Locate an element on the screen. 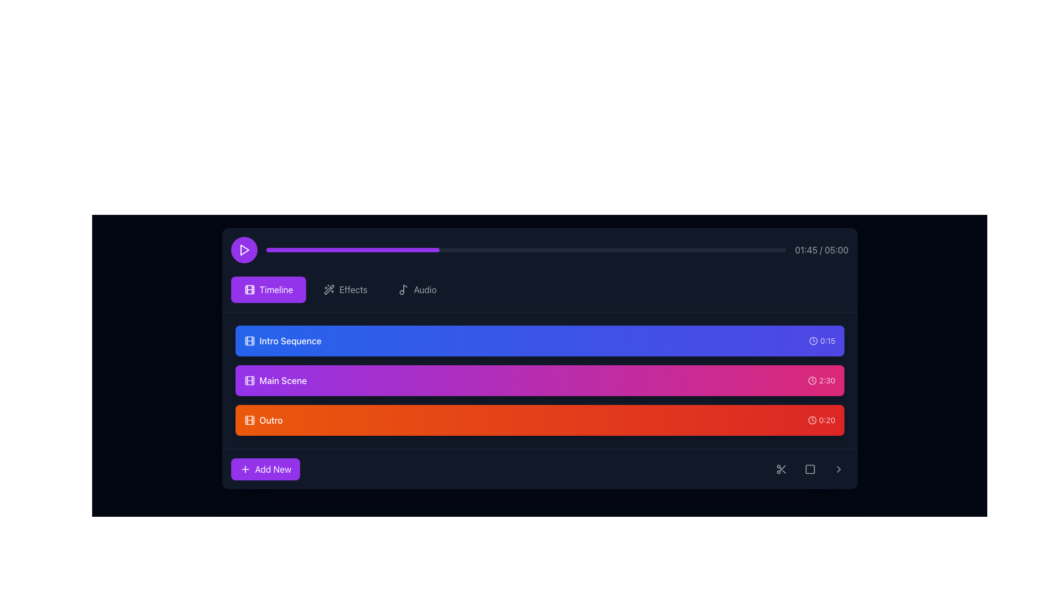  the second button in the horizontal navigation menu, located to the right of the 'Timeline' button and to the left of the 'Audio' button is located at coordinates (345, 289).